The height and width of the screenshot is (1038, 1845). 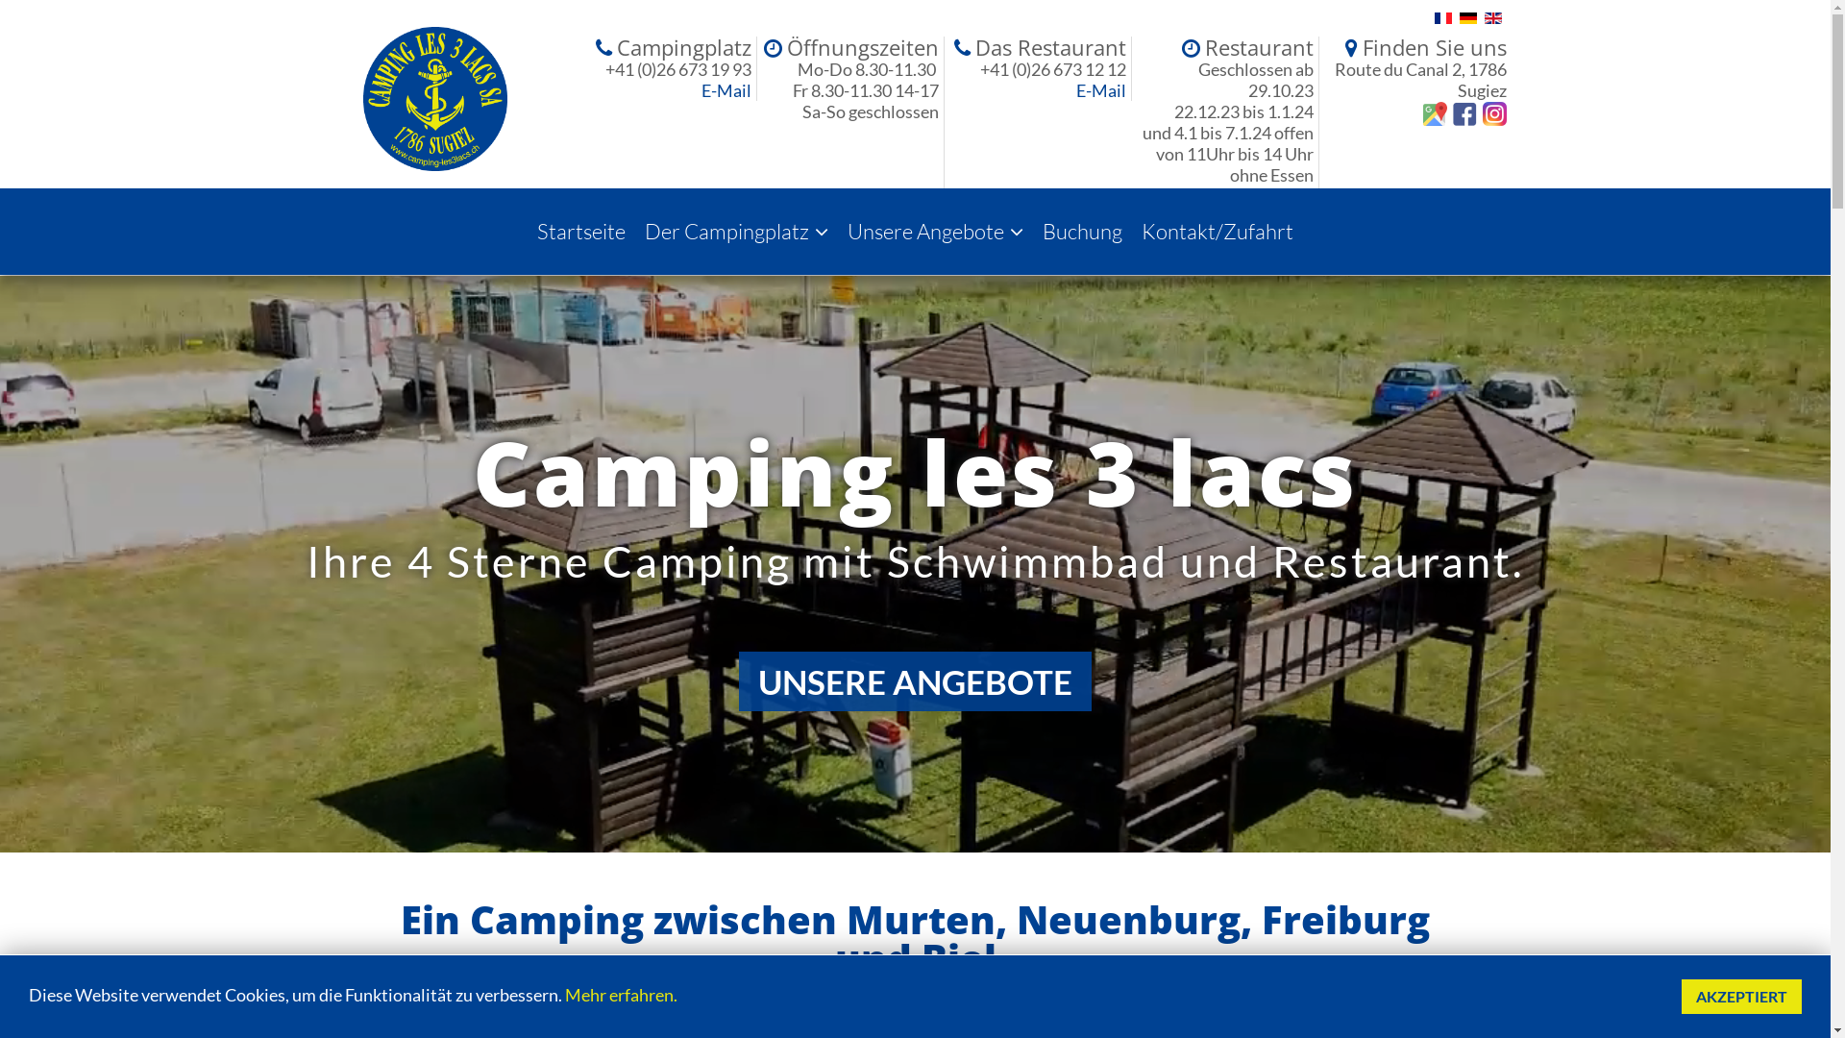 I want to click on 'E-Mail', so click(x=1101, y=89).